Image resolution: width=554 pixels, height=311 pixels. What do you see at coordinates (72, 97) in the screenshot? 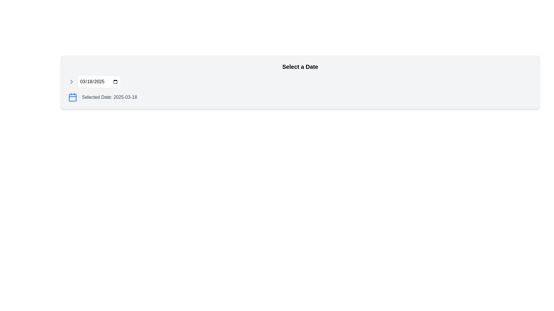
I see `the graphical placeholder, which is a rounded rectangle with a light blue outline and white fill, located within the calendar icon to the left of the 'Selected Date: 2025-03-18' text` at bounding box center [72, 97].